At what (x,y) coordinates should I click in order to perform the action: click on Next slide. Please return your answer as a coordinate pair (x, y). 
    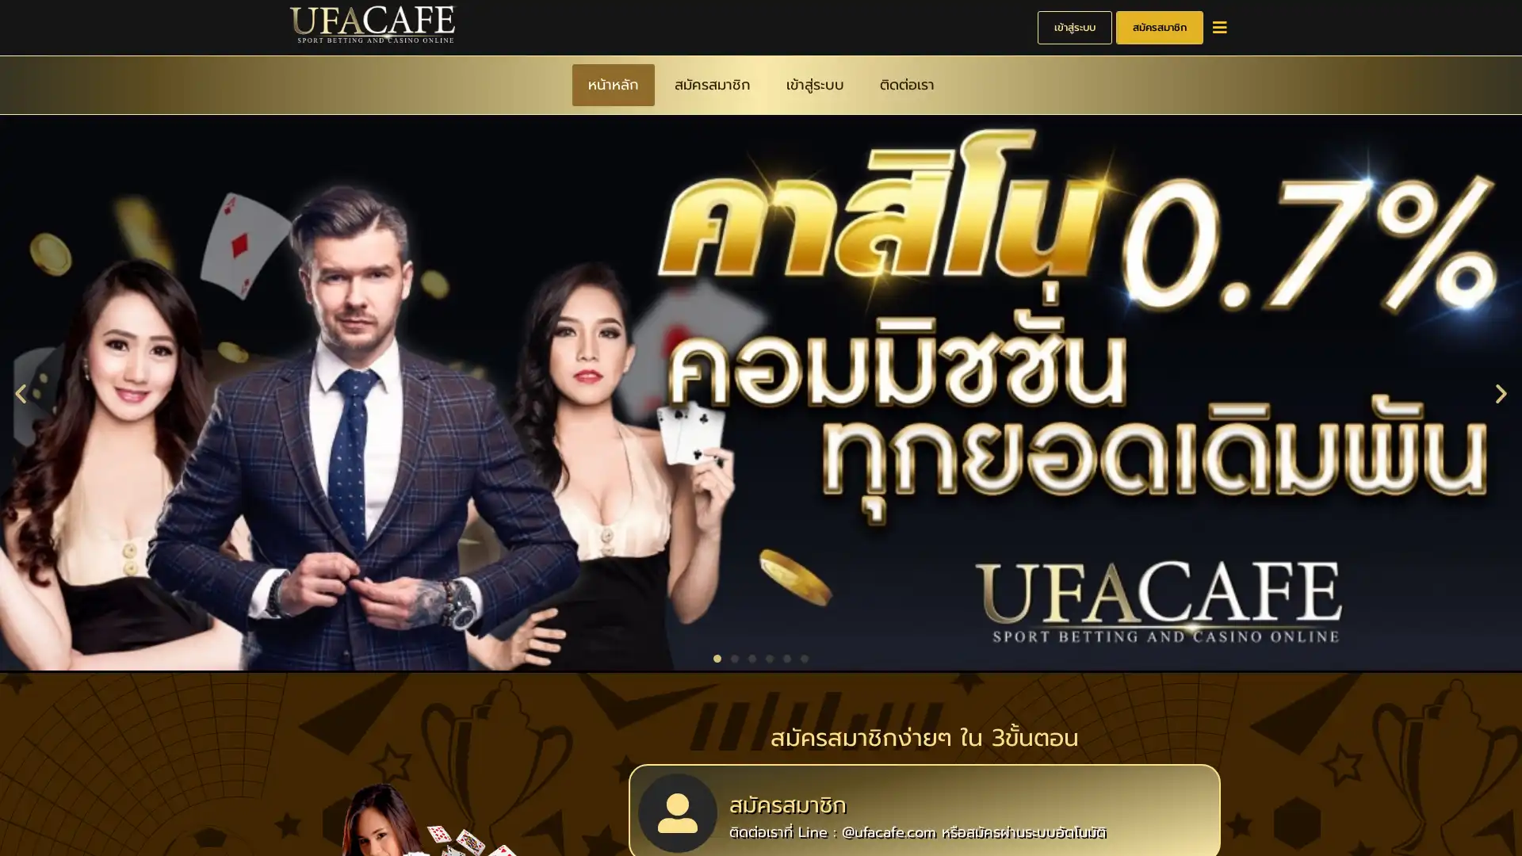
    Looking at the image, I should click on (1501, 391).